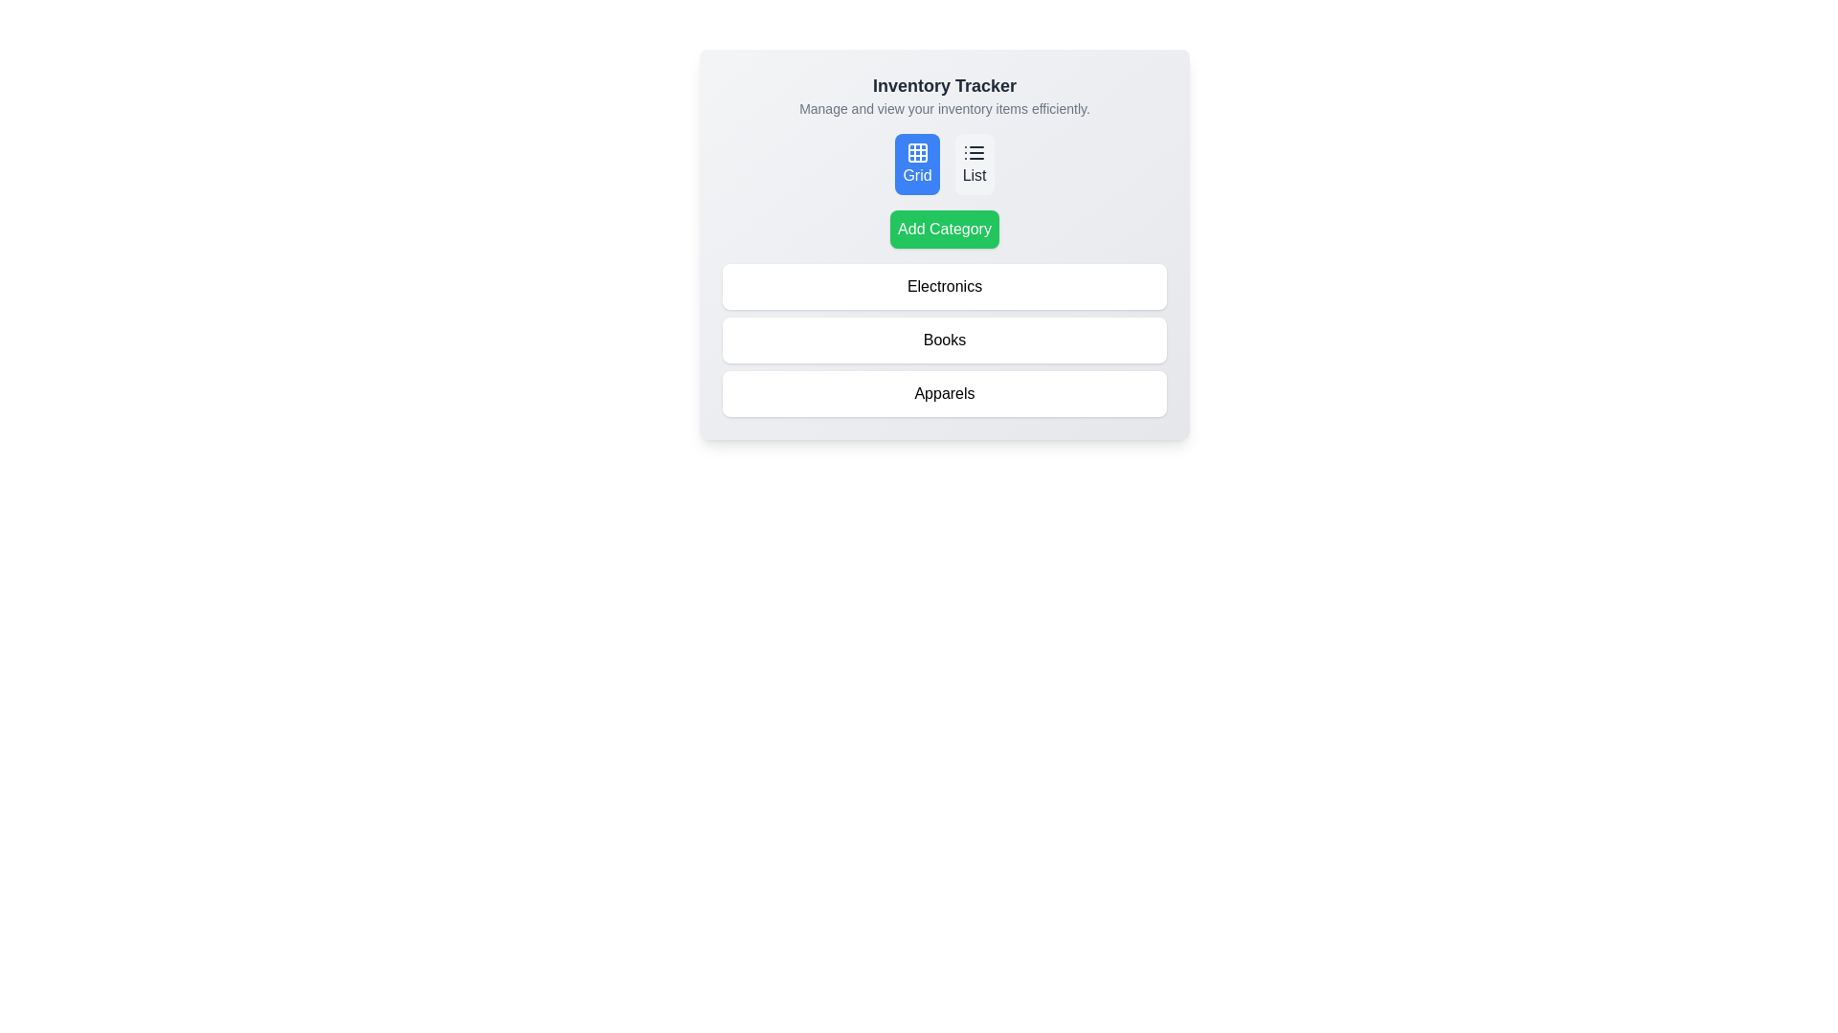 The width and height of the screenshot is (1838, 1033). What do you see at coordinates (945, 109) in the screenshot?
I see `the text block that contains the phrase 'Manage and view your inventory items efficiently.' which is gray and centered below 'Inventory Tracker'` at bounding box center [945, 109].